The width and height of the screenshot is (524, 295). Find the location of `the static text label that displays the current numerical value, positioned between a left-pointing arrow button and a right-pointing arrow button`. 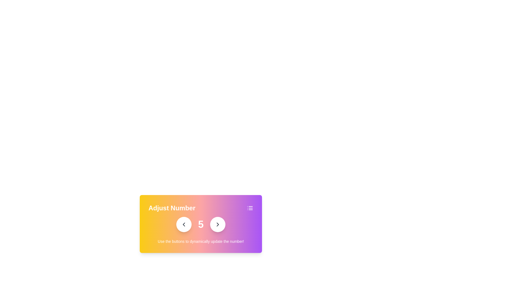

the static text label that displays the current numerical value, positioned between a left-pointing arrow button and a right-pointing arrow button is located at coordinates (200, 224).